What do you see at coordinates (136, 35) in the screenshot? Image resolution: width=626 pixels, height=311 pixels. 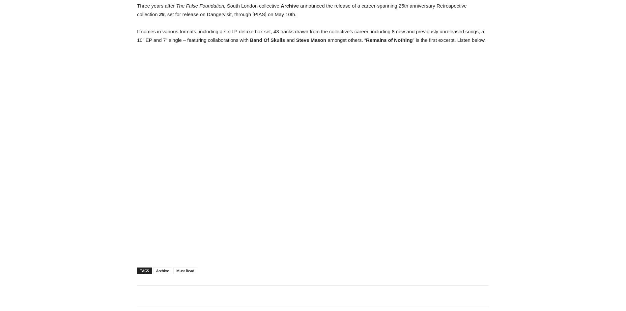 I see `'It comes in various formats, including a six-LP deluxe box set, 43 tracks drawn from the collective’s career, including 8 new and previously unreleased songs, a 10” EP and 7” single – featuring collaborations with'` at bounding box center [136, 35].